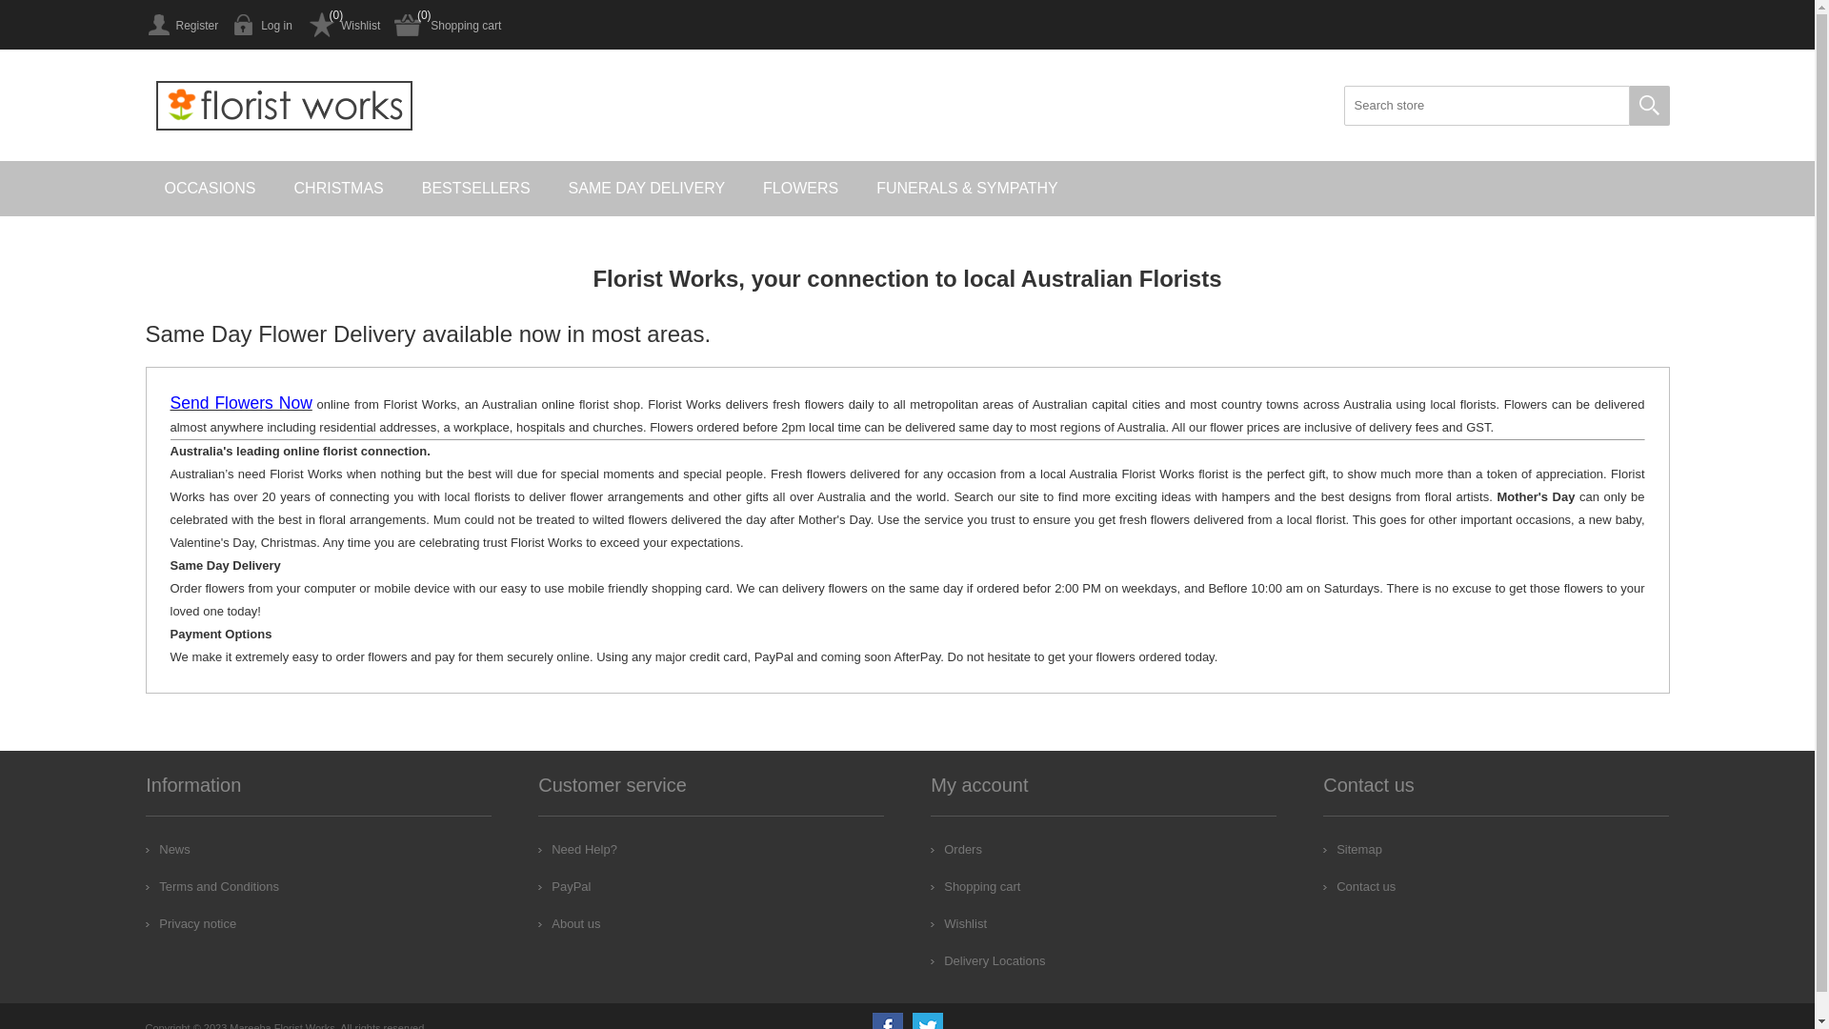 The width and height of the screenshot is (1829, 1029). What do you see at coordinates (967, 188) in the screenshot?
I see `'FUNERALS & SYMPATHY'` at bounding box center [967, 188].